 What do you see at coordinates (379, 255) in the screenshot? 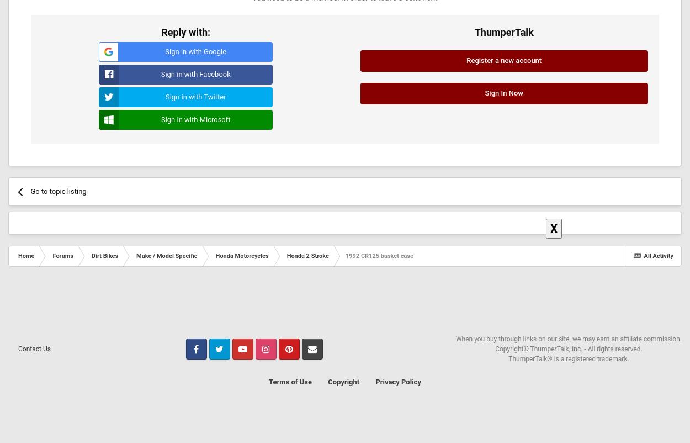
I see `'1992 CR125 basket case'` at bounding box center [379, 255].